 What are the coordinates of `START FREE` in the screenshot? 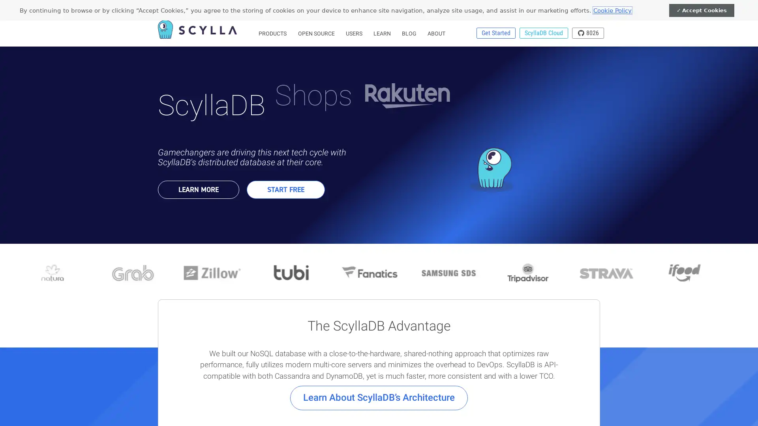 It's located at (285, 189).